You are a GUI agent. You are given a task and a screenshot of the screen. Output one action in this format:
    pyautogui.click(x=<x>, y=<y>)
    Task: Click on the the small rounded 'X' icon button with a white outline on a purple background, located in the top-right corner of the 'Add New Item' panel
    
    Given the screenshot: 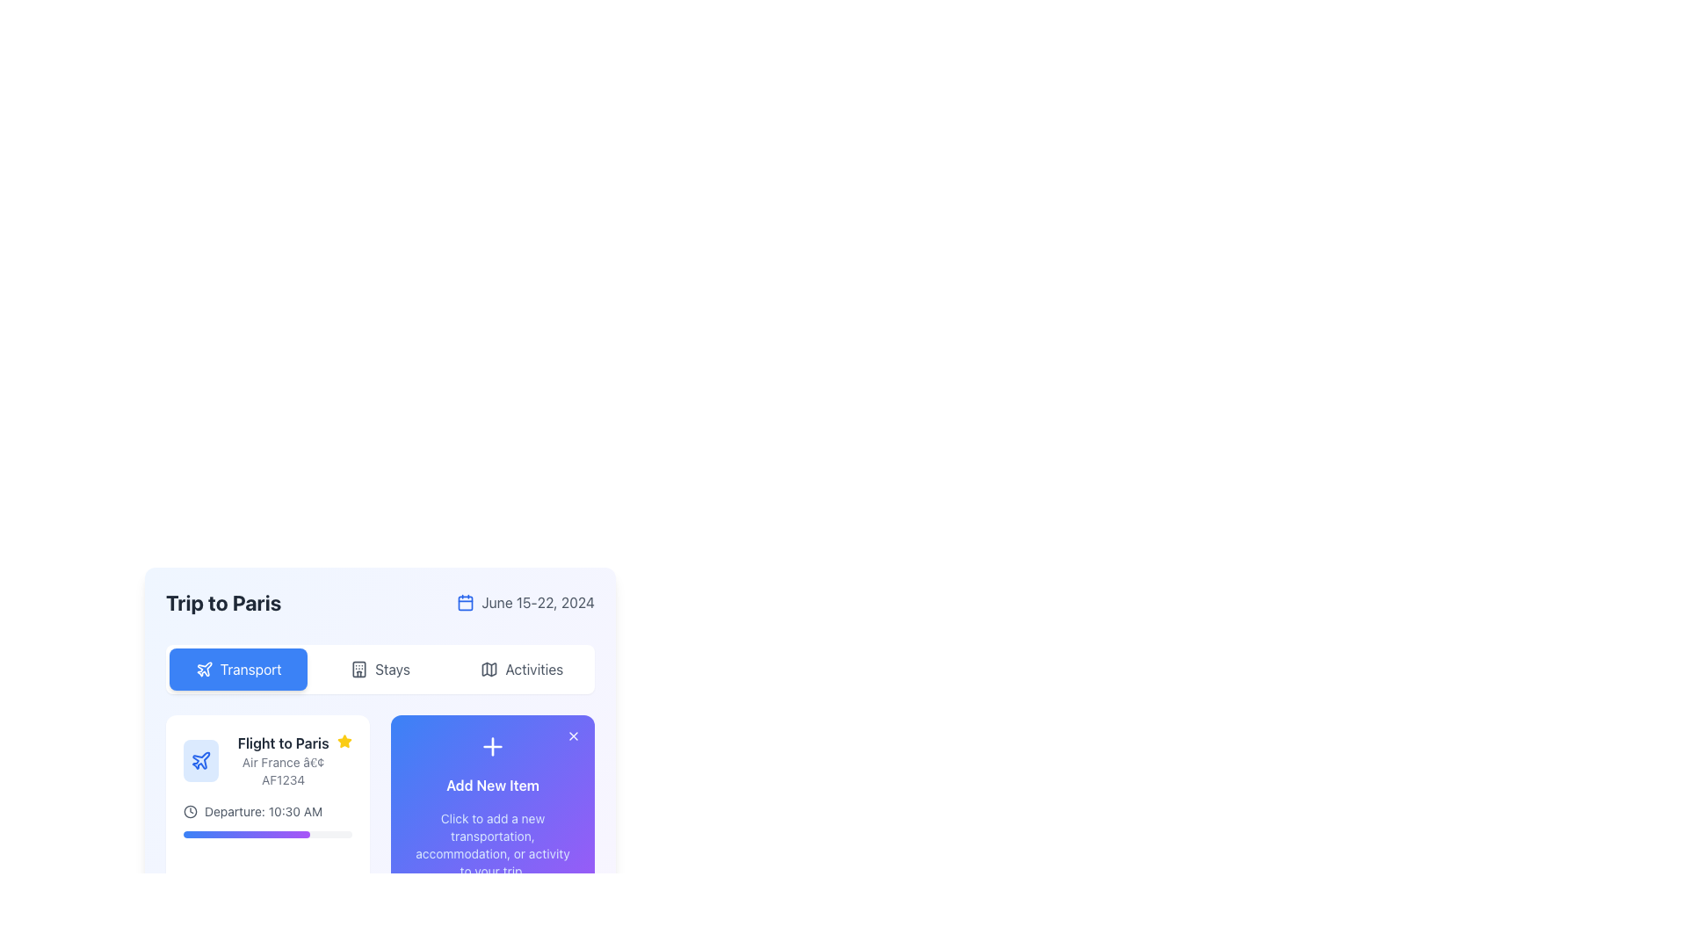 What is the action you would take?
    pyautogui.click(x=573, y=735)
    